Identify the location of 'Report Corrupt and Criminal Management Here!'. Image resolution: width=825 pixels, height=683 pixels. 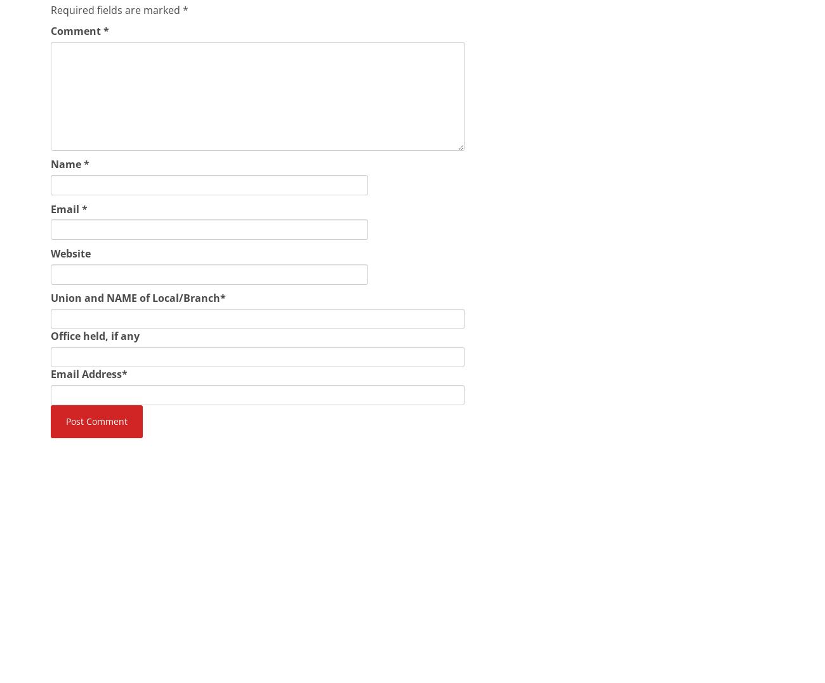
(392, 545).